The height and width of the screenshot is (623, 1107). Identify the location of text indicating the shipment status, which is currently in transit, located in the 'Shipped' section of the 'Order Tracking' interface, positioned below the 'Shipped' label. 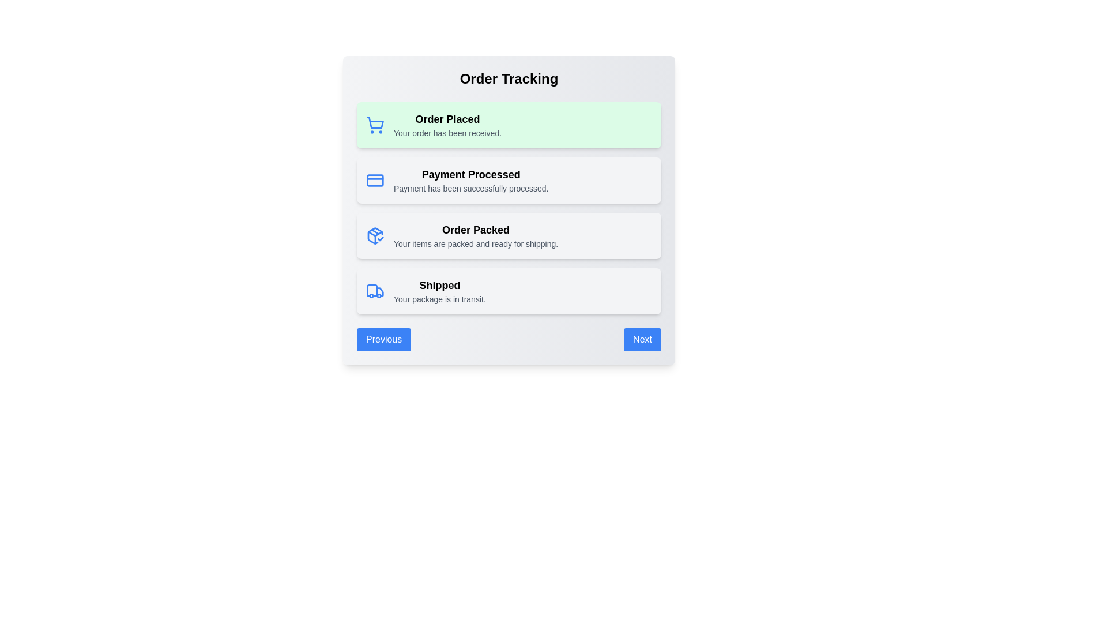
(439, 299).